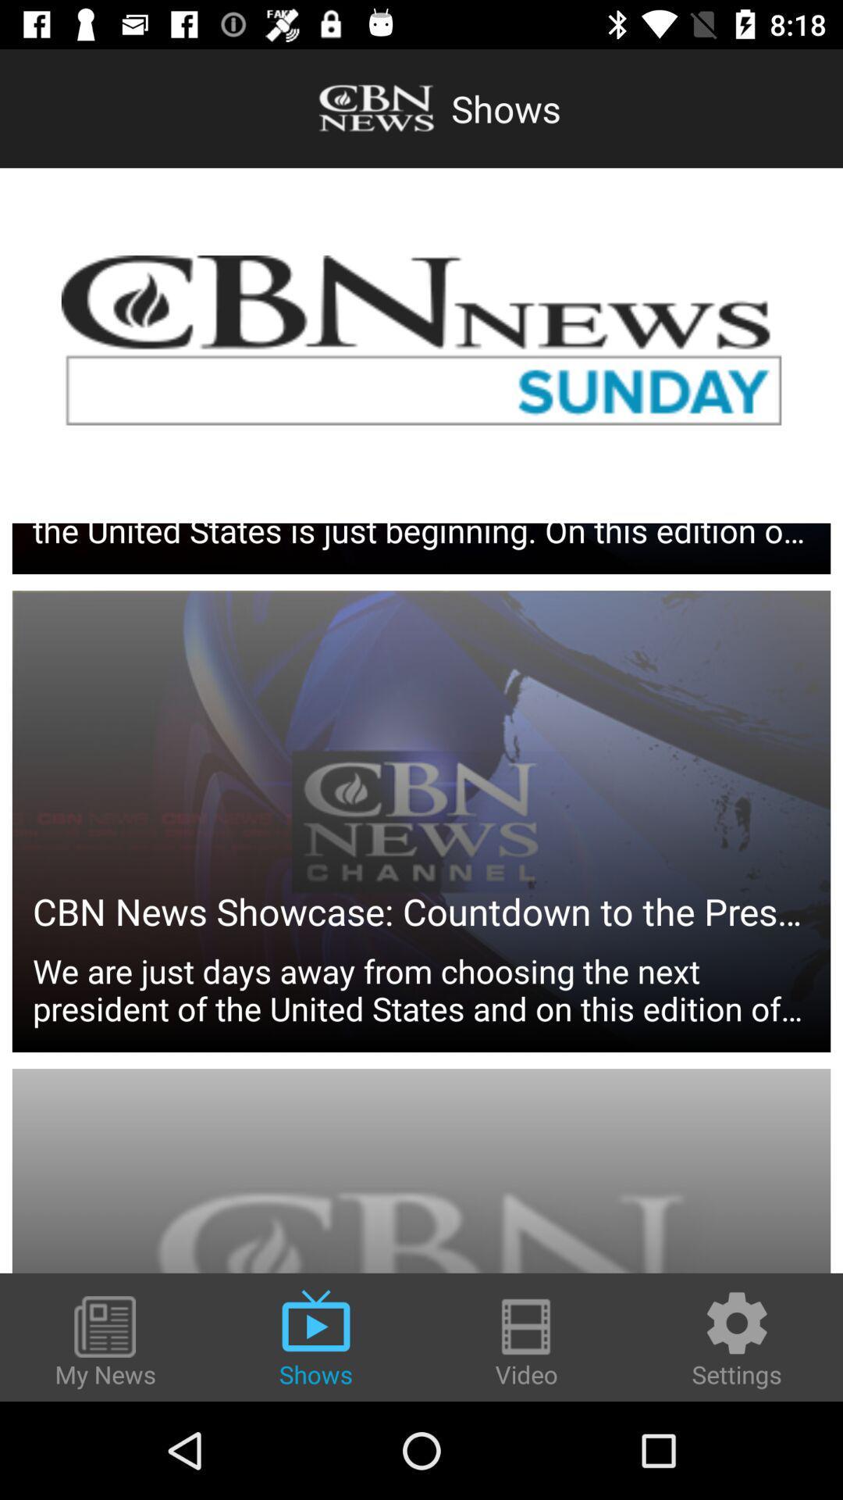 The width and height of the screenshot is (843, 1500). I want to click on the icon next to the shows icon, so click(105, 1342).